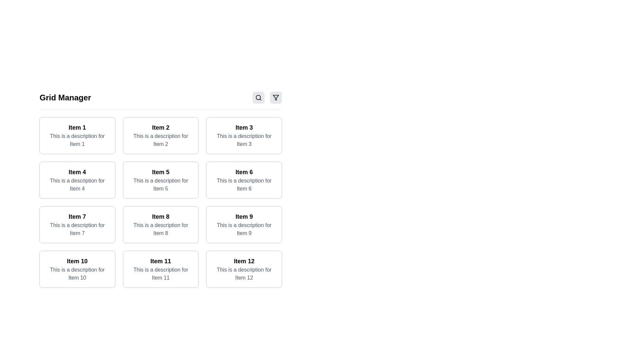  What do you see at coordinates (276, 97) in the screenshot?
I see `the funnel-shaped icon button, which is styled with a minimalist outline design in gray, located in the top-right section of the interface` at bounding box center [276, 97].